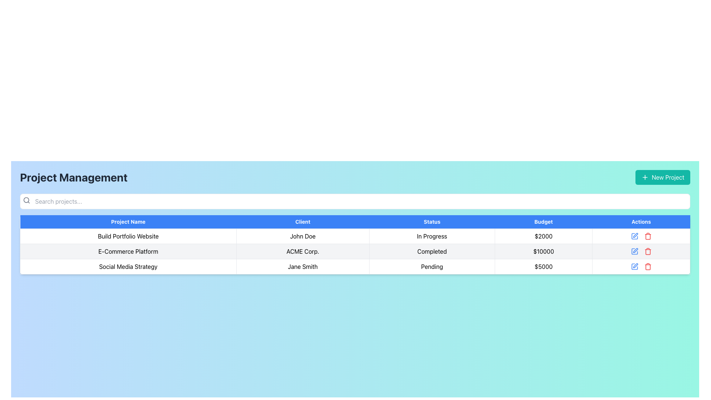 The image size is (711, 400). What do you see at coordinates (641, 236) in the screenshot?
I see `the interactive icons in the last cell of the 'Actions' column for the project titled 'Build Portfolio Website'` at bounding box center [641, 236].